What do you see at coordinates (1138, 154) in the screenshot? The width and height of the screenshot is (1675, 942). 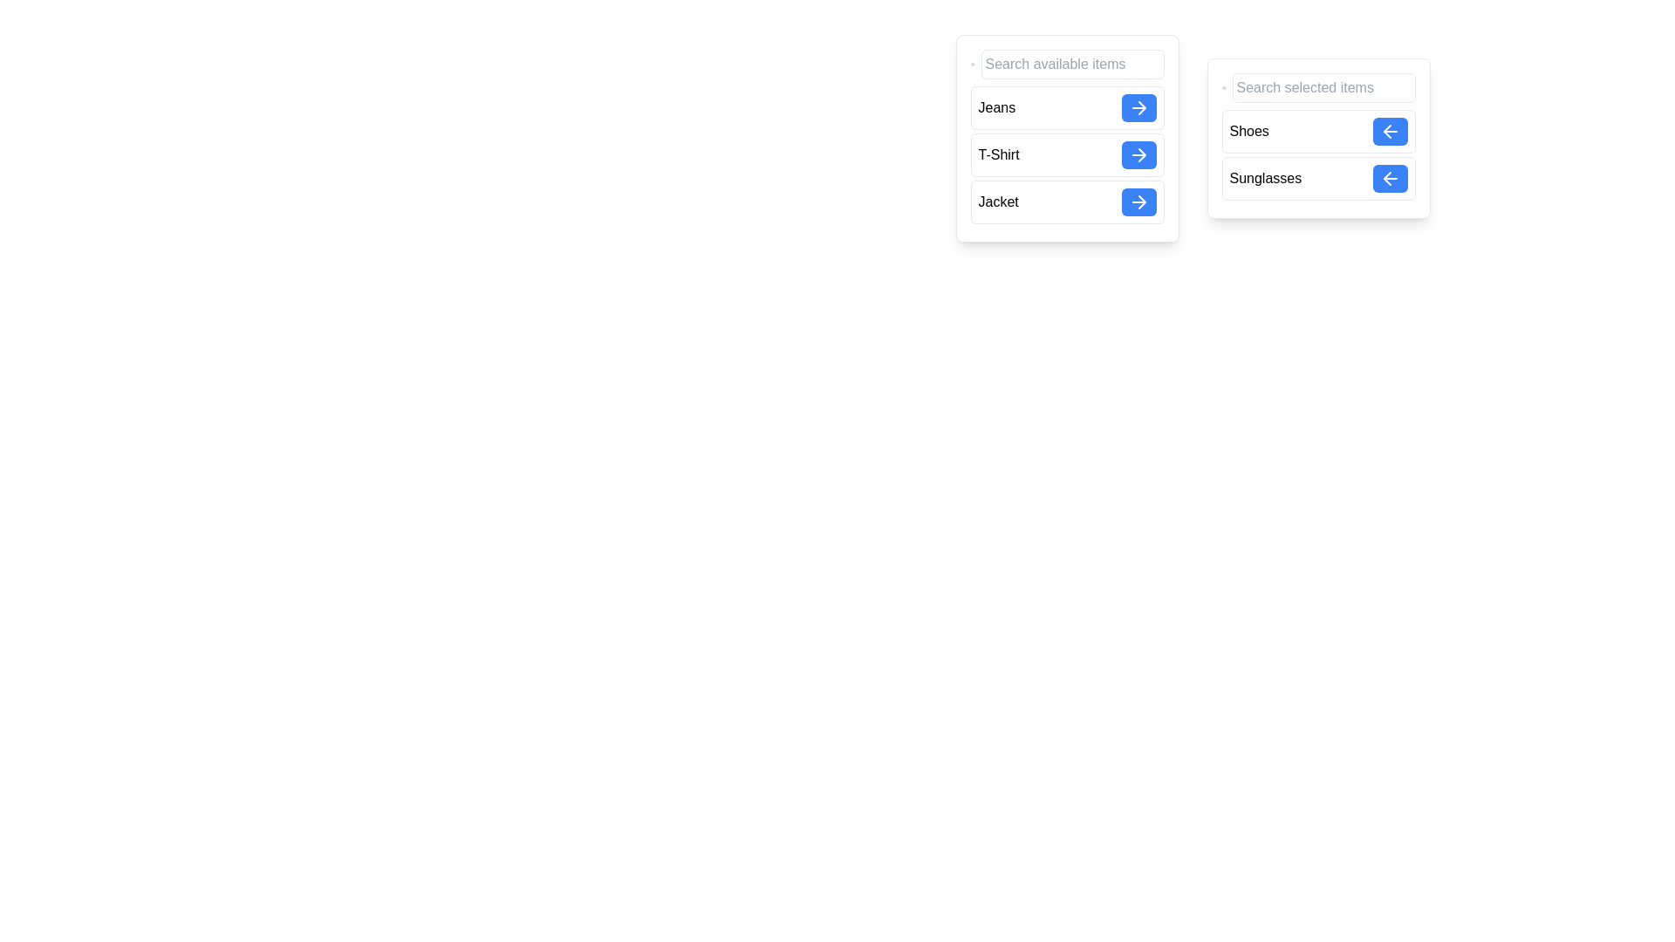 I see `the icon button shaped like an arrow pointing to the right, styled with a blue background and white arrow symbol, located to the right of the 'T-Shirt' item in the list` at bounding box center [1138, 154].